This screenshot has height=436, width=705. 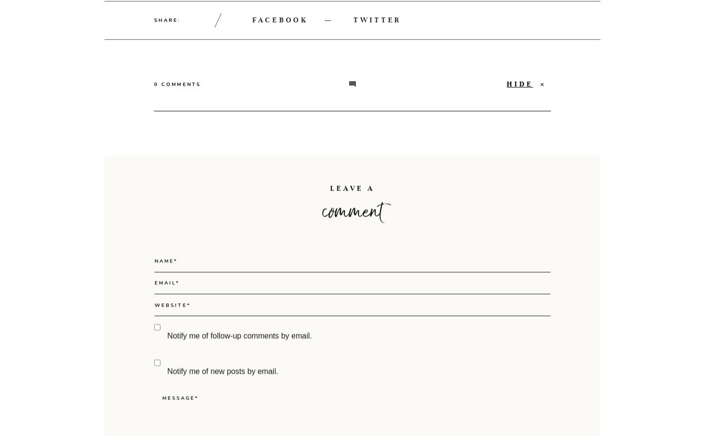 What do you see at coordinates (352, 252) in the screenshot?
I see `'comment'` at bounding box center [352, 252].